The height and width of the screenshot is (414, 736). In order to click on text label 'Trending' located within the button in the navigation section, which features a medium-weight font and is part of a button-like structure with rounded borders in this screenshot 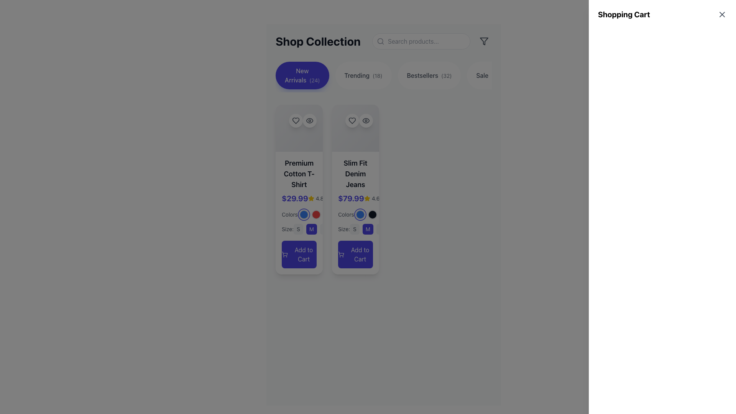, I will do `click(356, 75)`.